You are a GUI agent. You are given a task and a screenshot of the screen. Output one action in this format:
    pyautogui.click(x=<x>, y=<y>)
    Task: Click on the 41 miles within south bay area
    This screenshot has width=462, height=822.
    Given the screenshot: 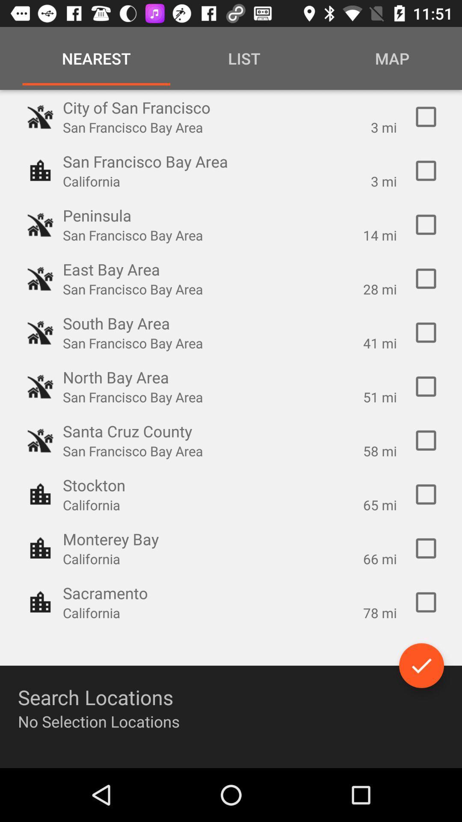 What is the action you would take?
    pyautogui.click(x=426, y=332)
    